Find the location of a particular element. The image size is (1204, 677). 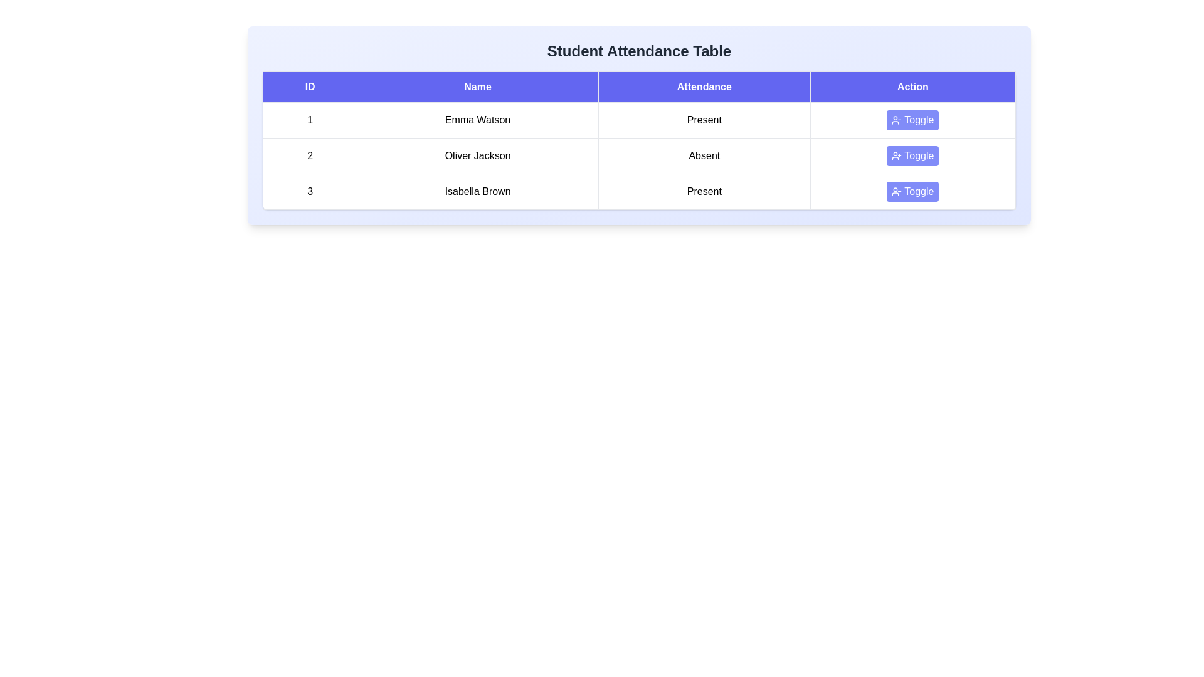

the toggle button for 'Absent' status associated with 'Oliver Jackson' is located at coordinates (912, 155).